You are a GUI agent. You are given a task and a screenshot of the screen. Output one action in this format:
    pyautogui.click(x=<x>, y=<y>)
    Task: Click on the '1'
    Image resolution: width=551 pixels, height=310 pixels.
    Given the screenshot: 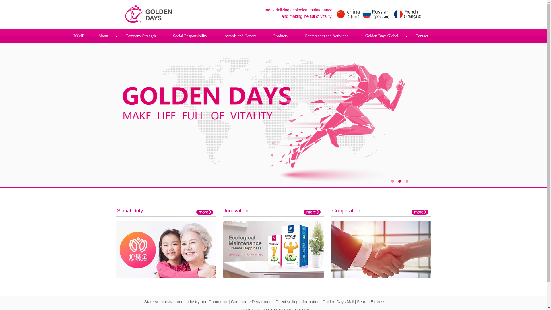 What is the action you would take?
    pyautogui.click(x=391, y=181)
    